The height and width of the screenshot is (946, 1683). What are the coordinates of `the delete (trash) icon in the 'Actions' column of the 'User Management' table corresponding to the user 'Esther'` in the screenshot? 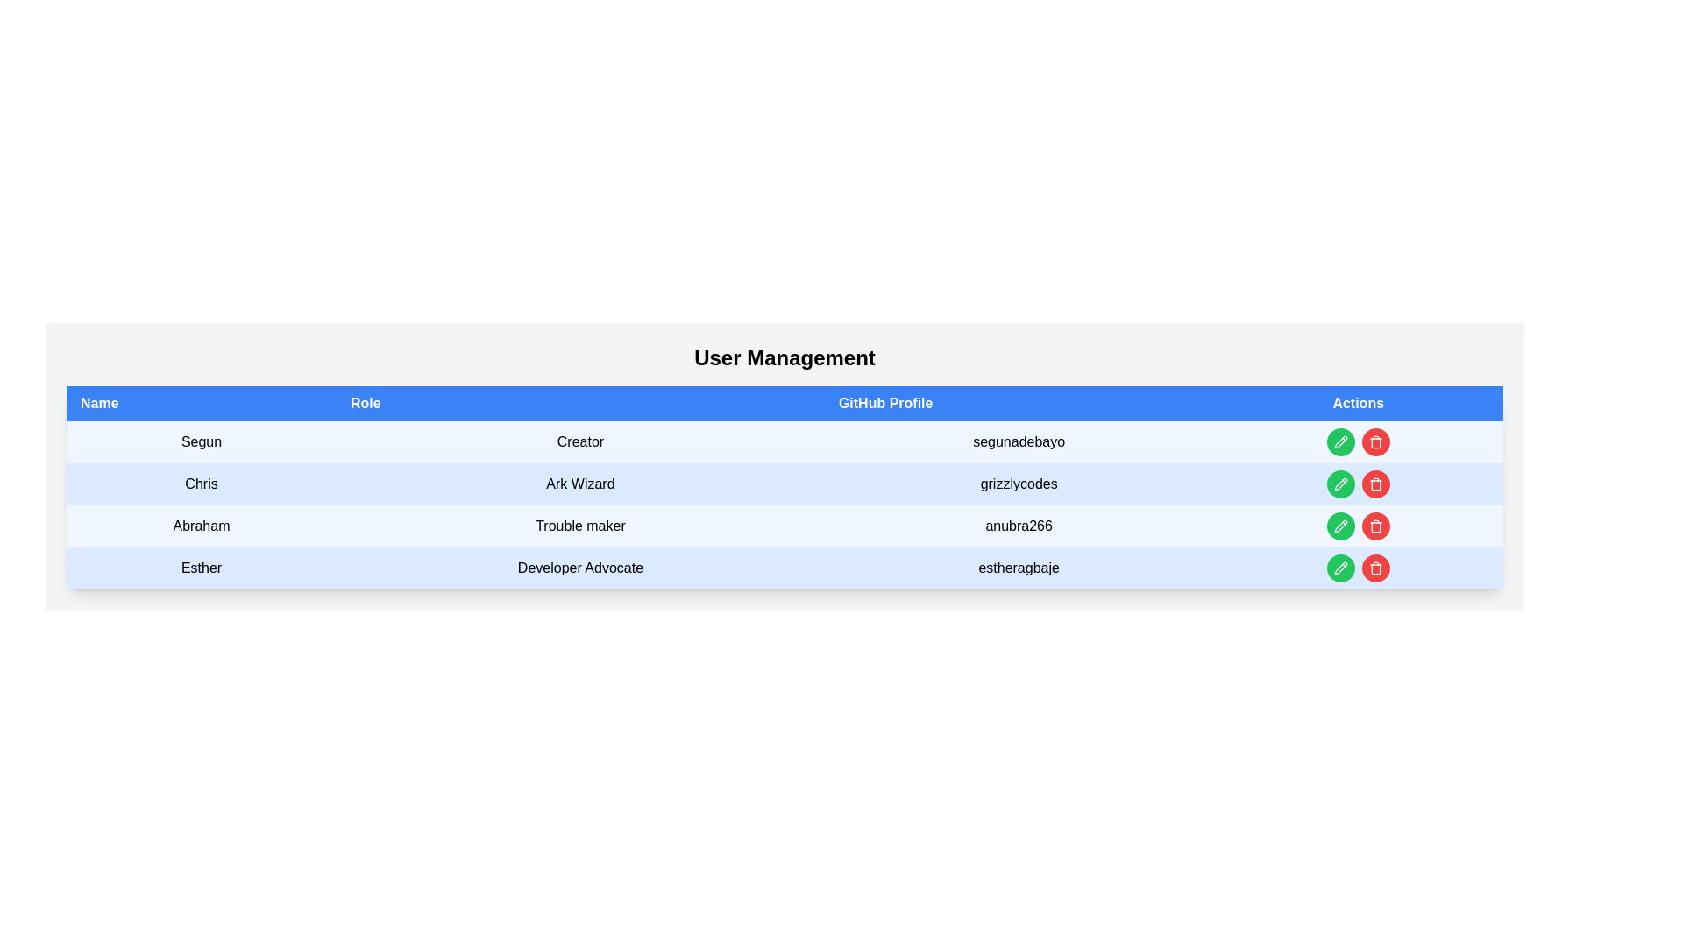 It's located at (1374, 569).